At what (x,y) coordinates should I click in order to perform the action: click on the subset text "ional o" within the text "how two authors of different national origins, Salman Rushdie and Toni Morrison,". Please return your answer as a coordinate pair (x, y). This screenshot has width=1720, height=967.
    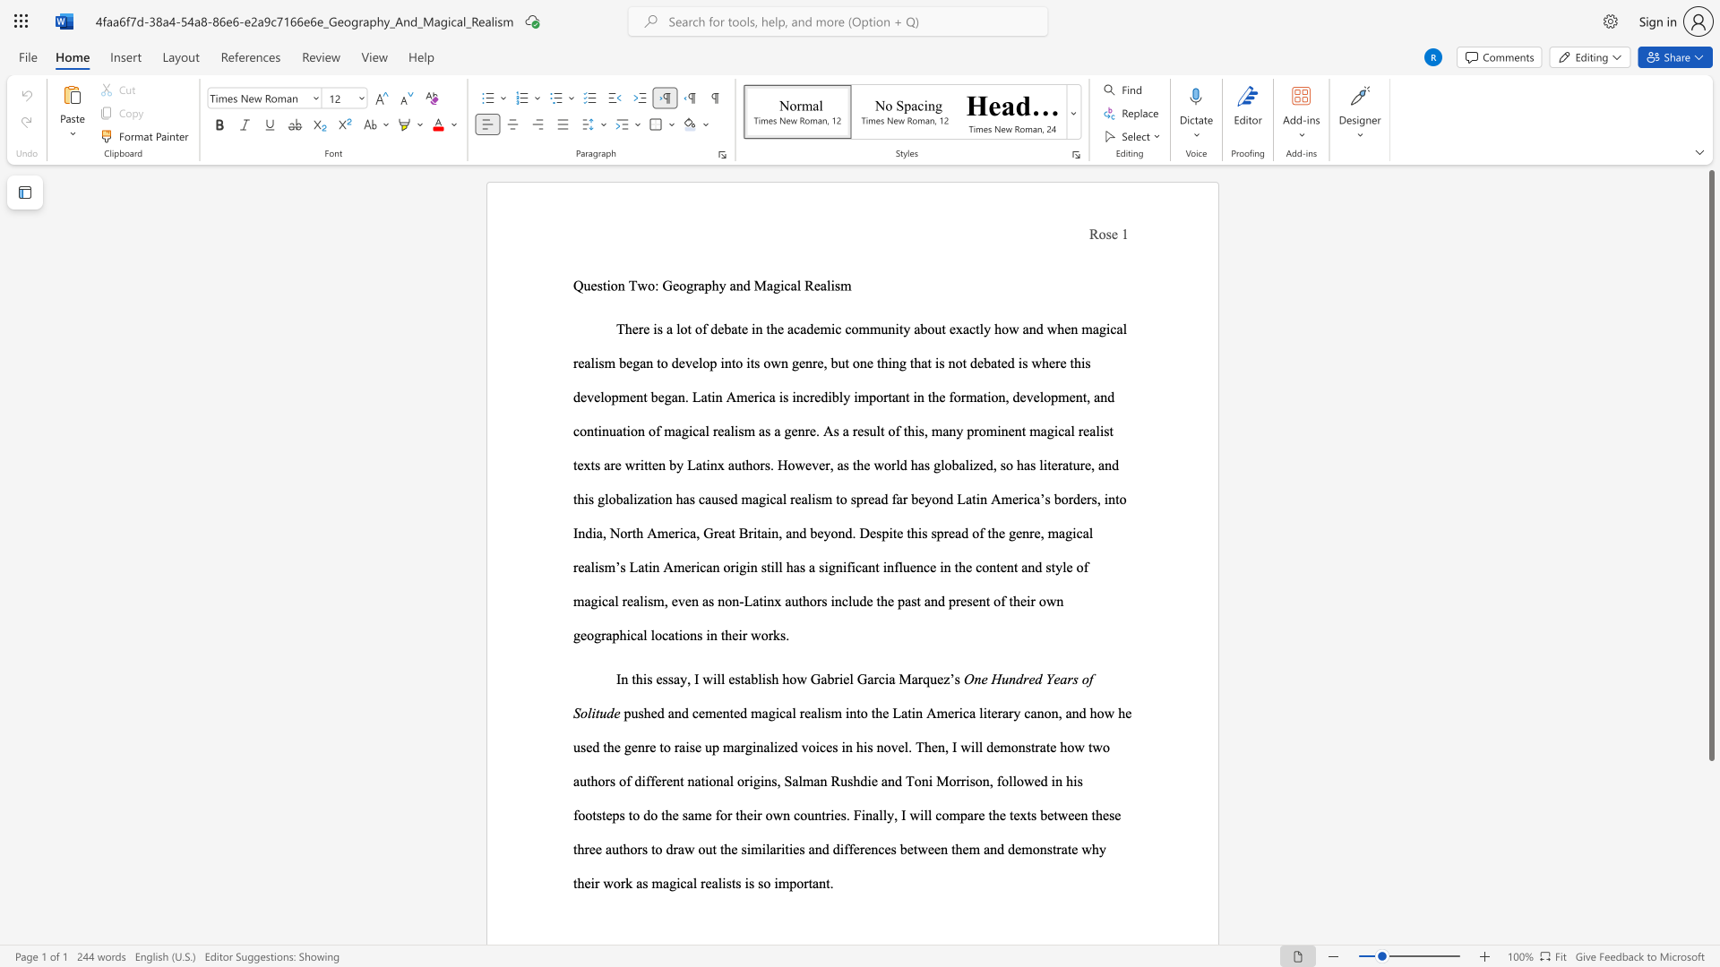
    Looking at the image, I should click on (704, 780).